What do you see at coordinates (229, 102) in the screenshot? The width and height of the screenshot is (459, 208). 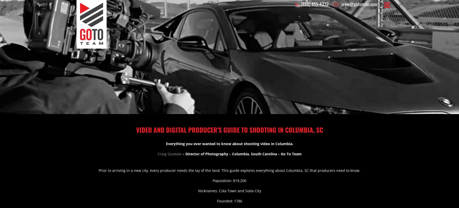 I see `'Meet Our Crews'` at bounding box center [229, 102].